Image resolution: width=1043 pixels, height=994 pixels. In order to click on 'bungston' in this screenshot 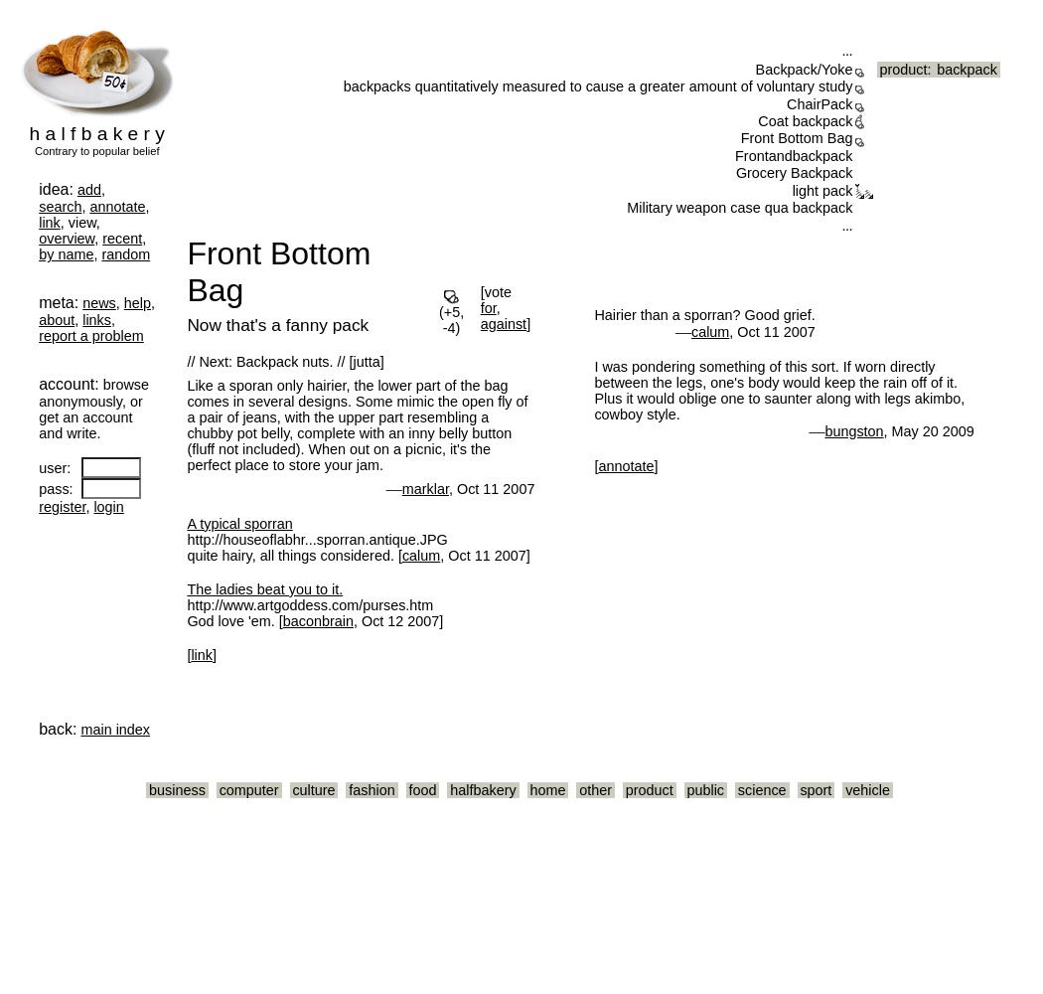, I will do `click(853, 431)`.